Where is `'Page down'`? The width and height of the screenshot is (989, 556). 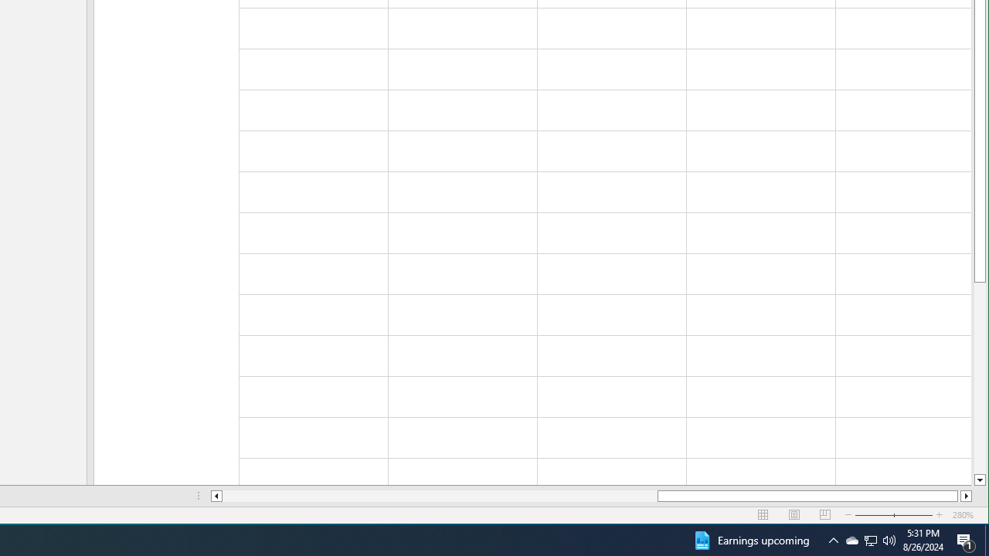 'Page down' is located at coordinates (979, 378).